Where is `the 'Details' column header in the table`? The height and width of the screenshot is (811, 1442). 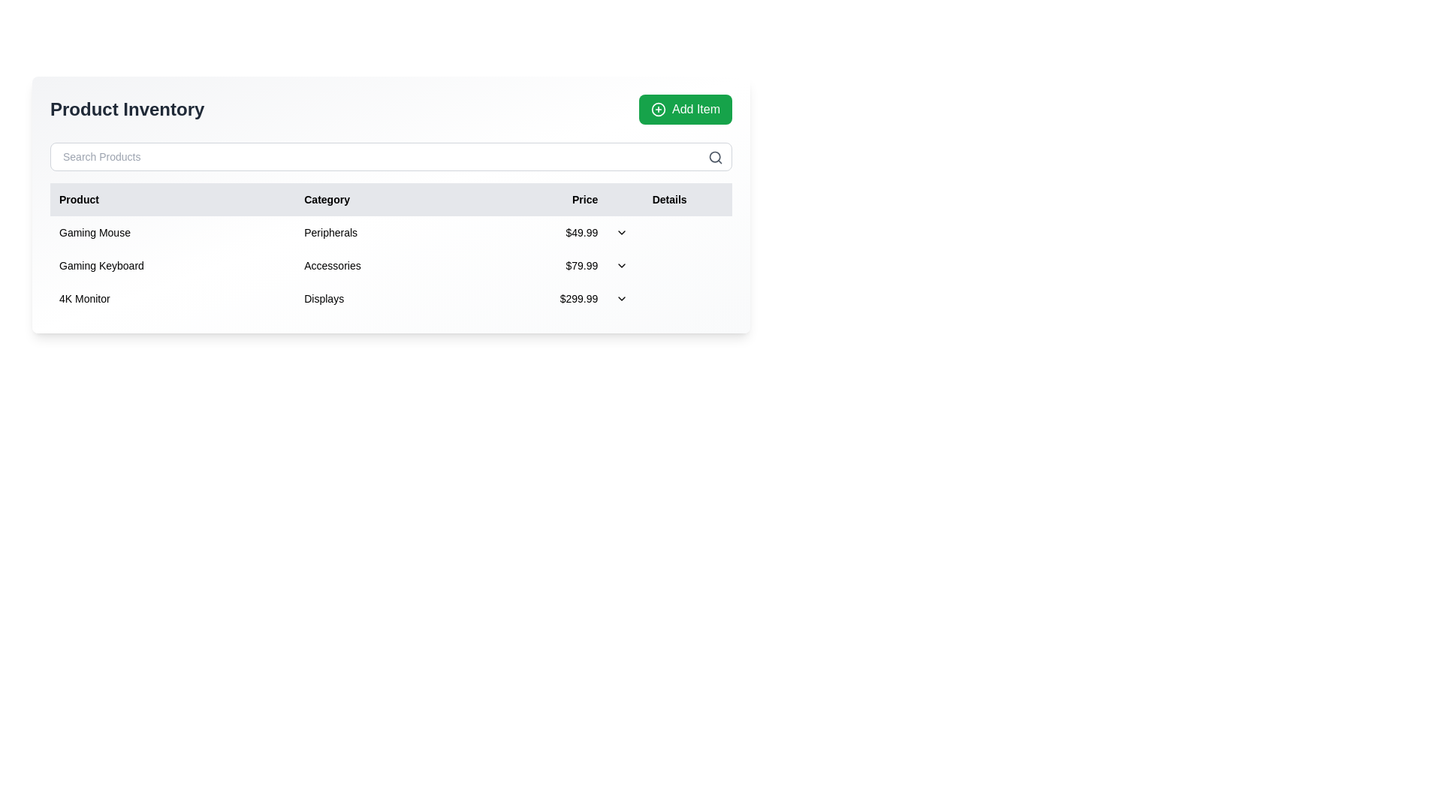 the 'Details' column header in the table is located at coordinates (668, 199).